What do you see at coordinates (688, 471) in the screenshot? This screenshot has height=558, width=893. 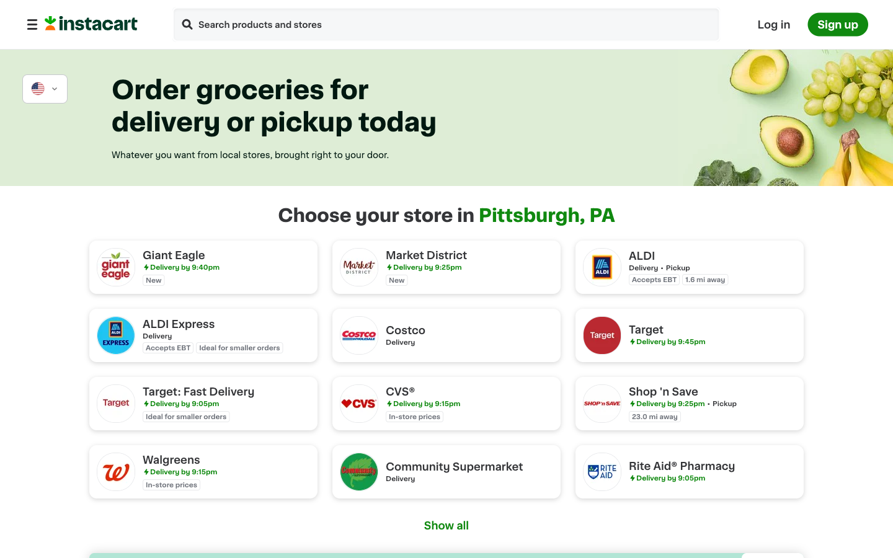 I see `Go to the Rite Aid Pharmacy website for checking medication inventory` at bounding box center [688, 471].